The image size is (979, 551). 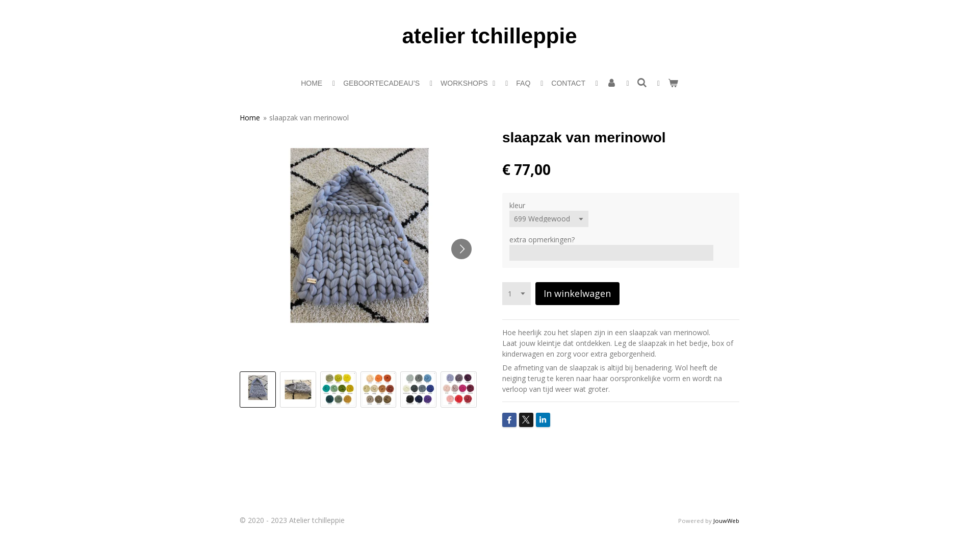 I want to click on 'atelier tchilleppie', so click(x=488, y=35).